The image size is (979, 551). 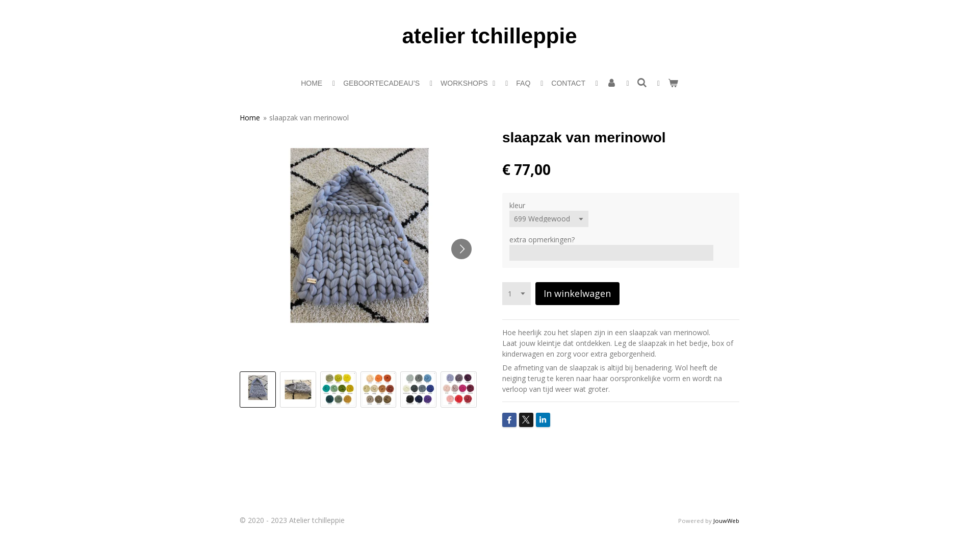 I want to click on 'atelier tchilleppie', so click(x=488, y=35).